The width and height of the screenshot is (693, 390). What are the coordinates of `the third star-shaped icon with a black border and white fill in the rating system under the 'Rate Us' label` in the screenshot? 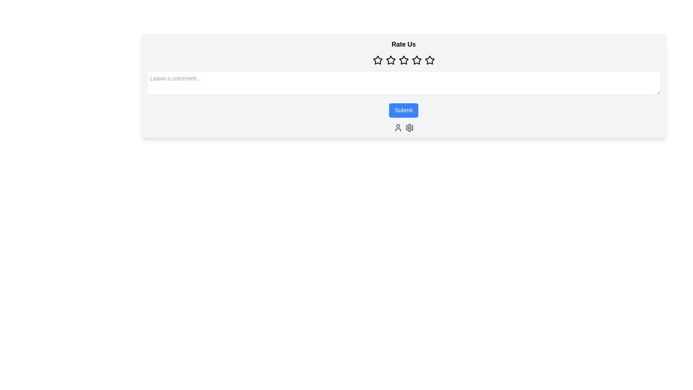 It's located at (403, 59).